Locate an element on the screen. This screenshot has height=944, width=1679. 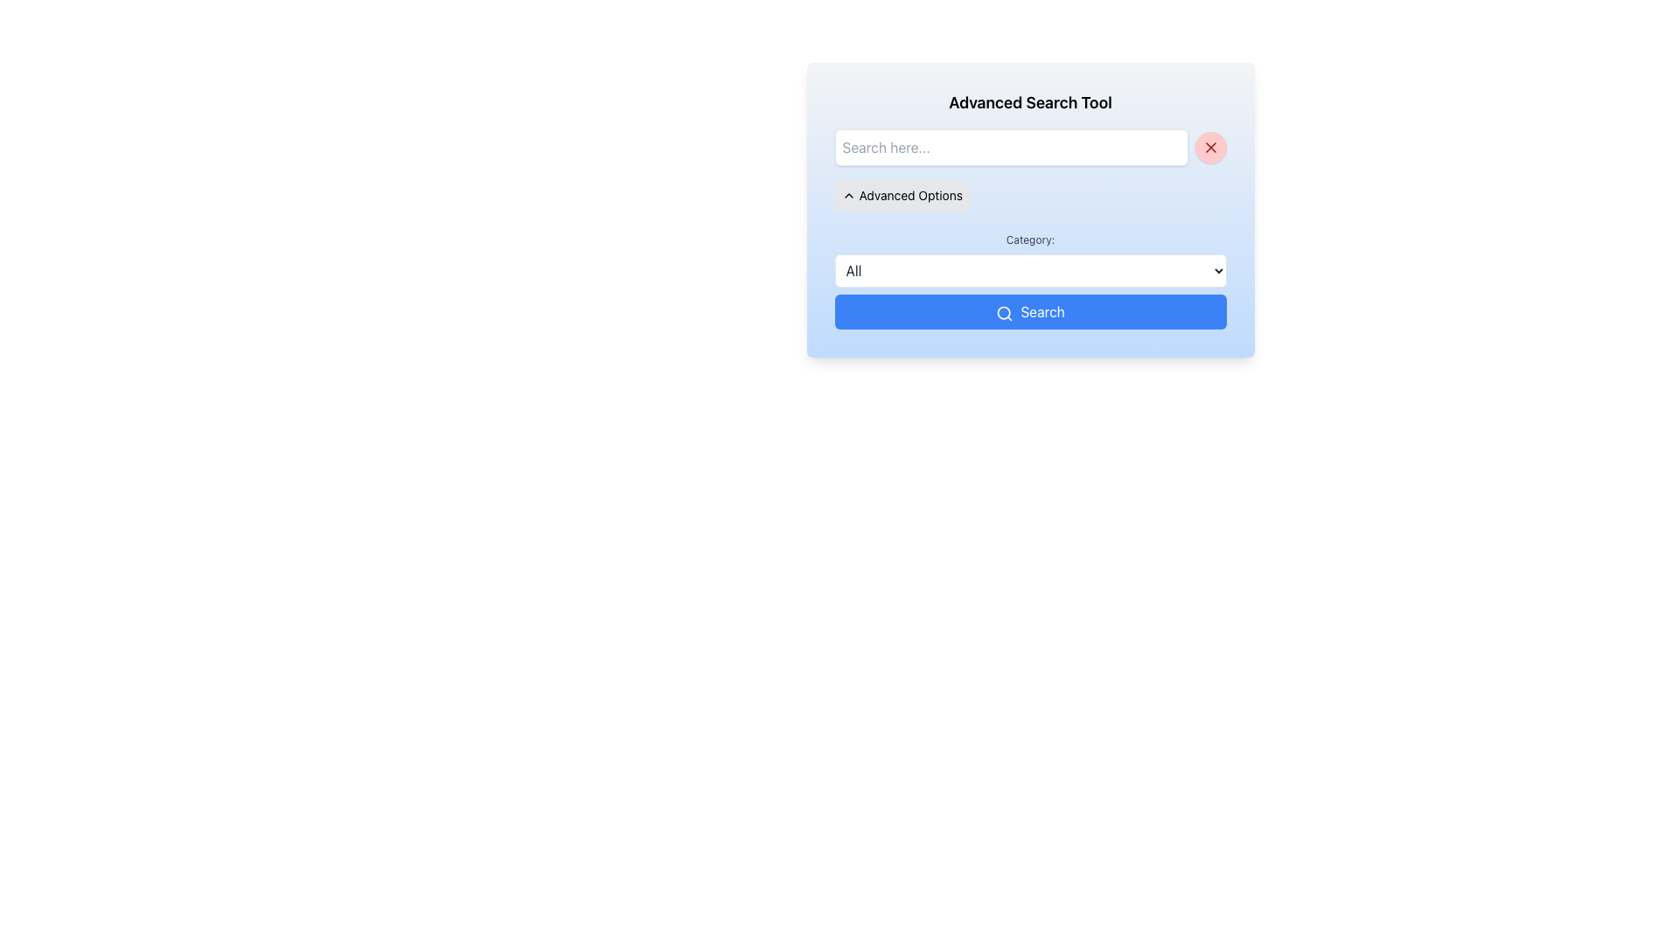
the text label that reads 'Category:', which is styled in a subtle gray color and is positioned above the dropdown menu labeled 'All' is located at coordinates (1030, 239).